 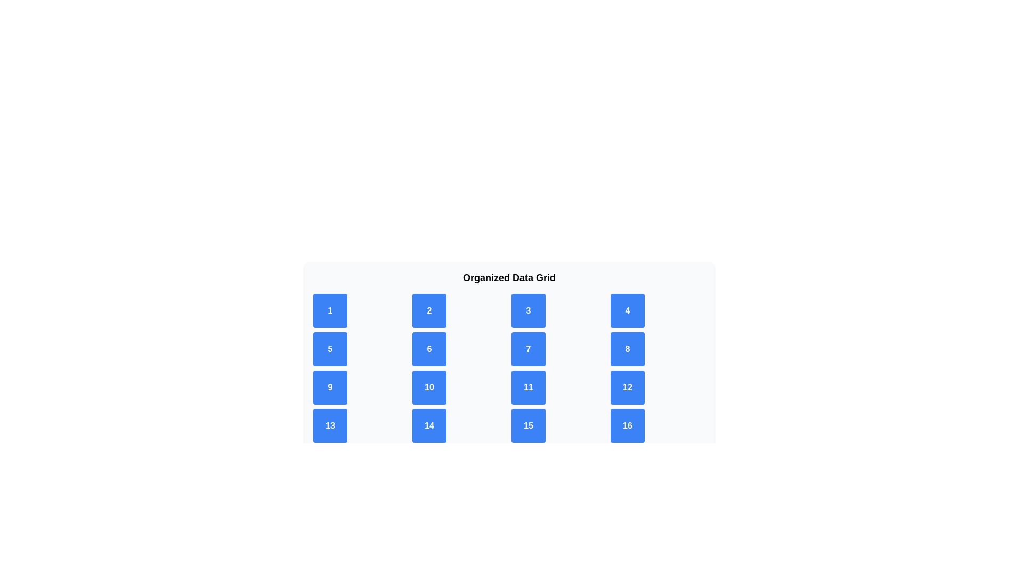 What do you see at coordinates (627, 349) in the screenshot?
I see `the square blue button with a rounded border and the centered white number '8', located in the second row and fourth column of the grid, below the button labeled '4' and above the button labeled '12'` at bounding box center [627, 349].